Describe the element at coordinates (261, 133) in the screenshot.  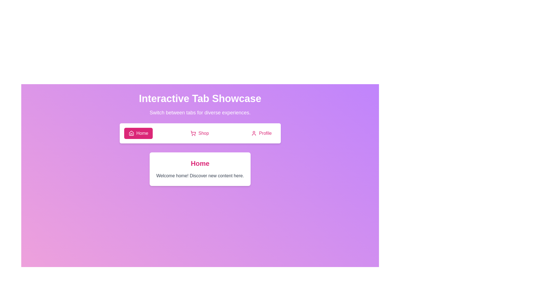
I see `the button labeled Profile to view its hover effect` at that location.